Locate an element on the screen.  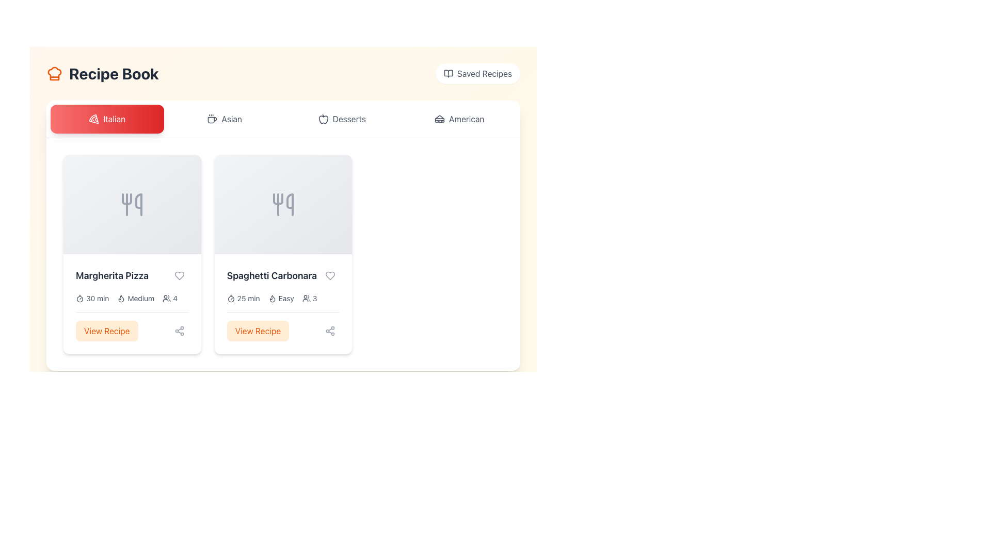
the leftmost vertical utensil-like graphic (fork) icon styled in a monochromatic gray tone within the 'Margherita Pizza' card's SVG icon group is located at coordinates (126, 199).